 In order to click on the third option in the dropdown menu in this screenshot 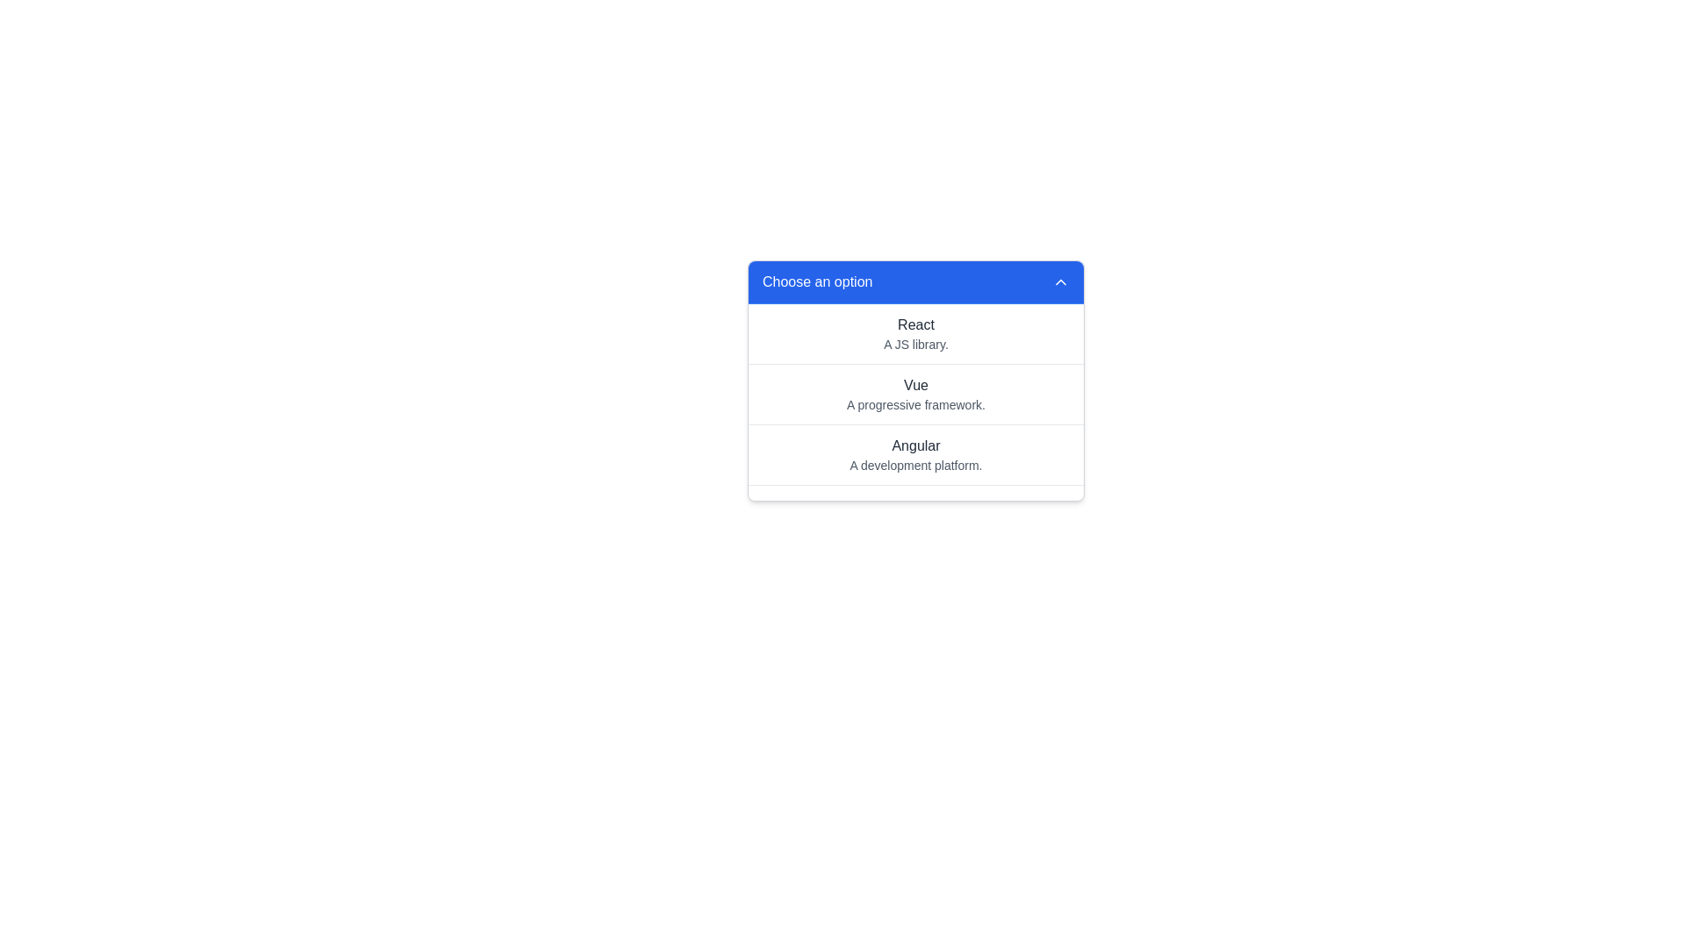, I will do `click(914, 452)`.